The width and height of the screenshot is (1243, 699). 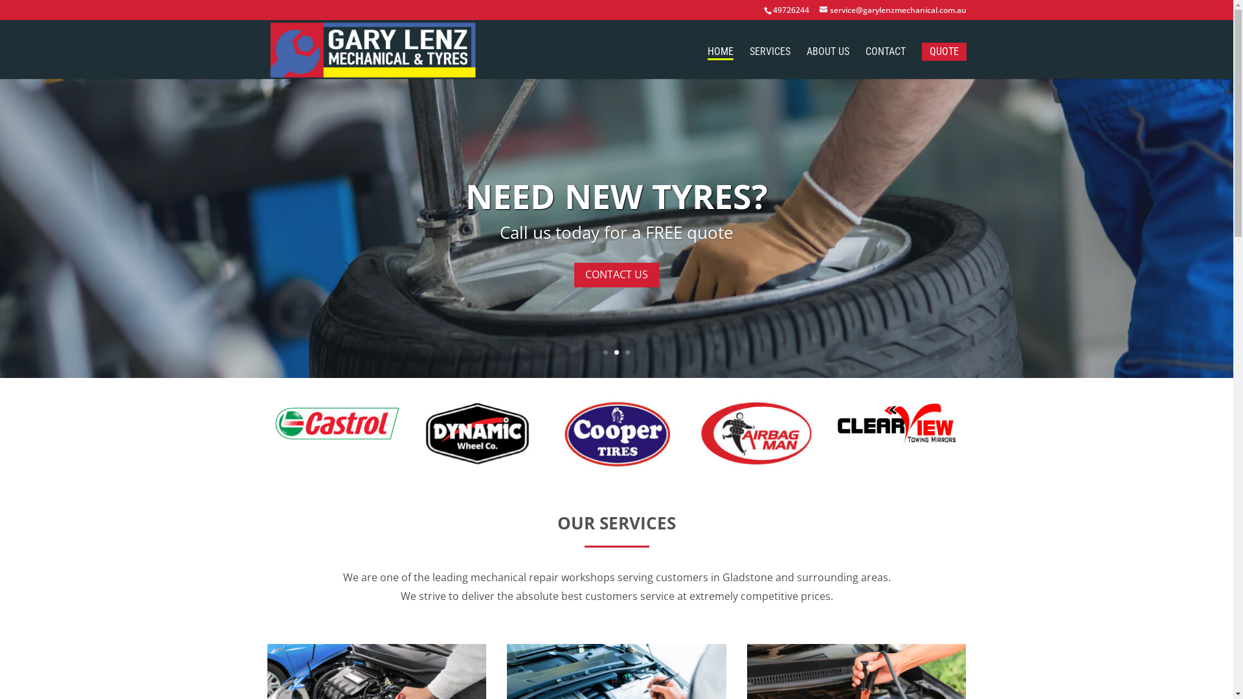 I want to click on 'QUOTE', so click(x=944, y=51).